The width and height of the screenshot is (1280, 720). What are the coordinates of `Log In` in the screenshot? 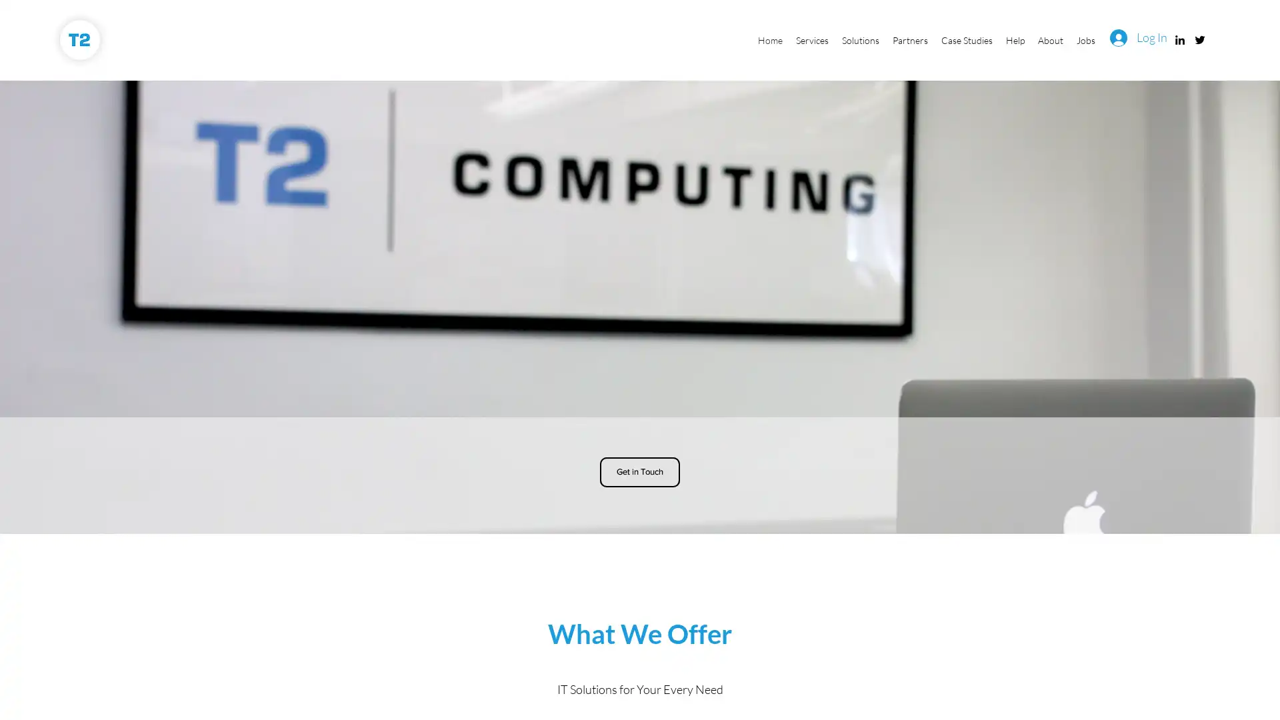 It's located at (1138, 37).